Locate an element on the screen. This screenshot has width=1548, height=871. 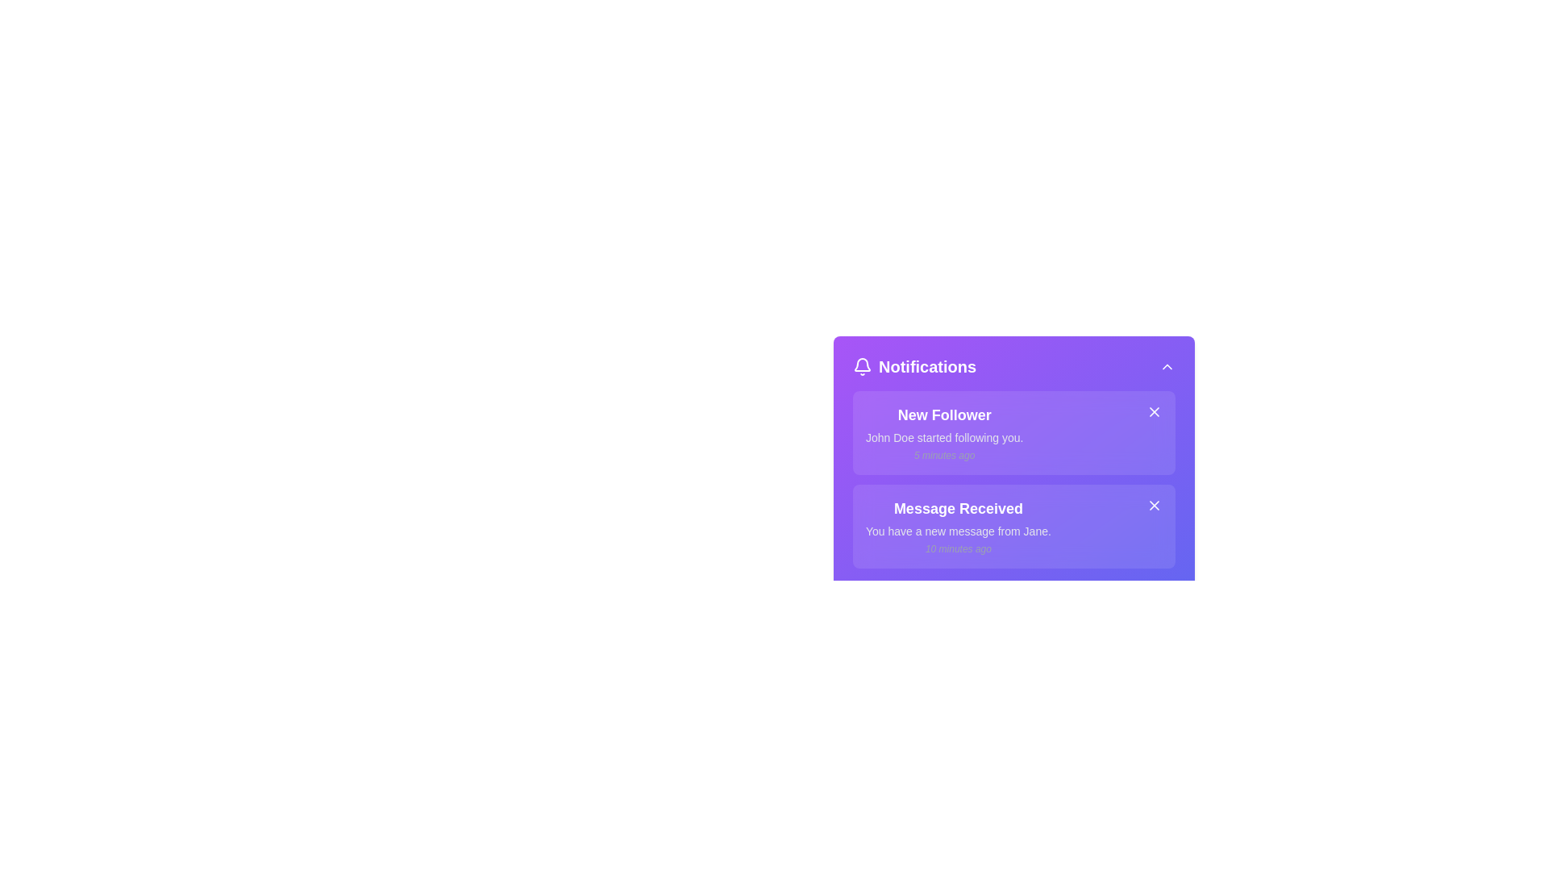
the static text label displaying '5 minutes ago' in the notifications panel, which is positioned below 'John Doe started following you.' is located at coordinates (944, 455).